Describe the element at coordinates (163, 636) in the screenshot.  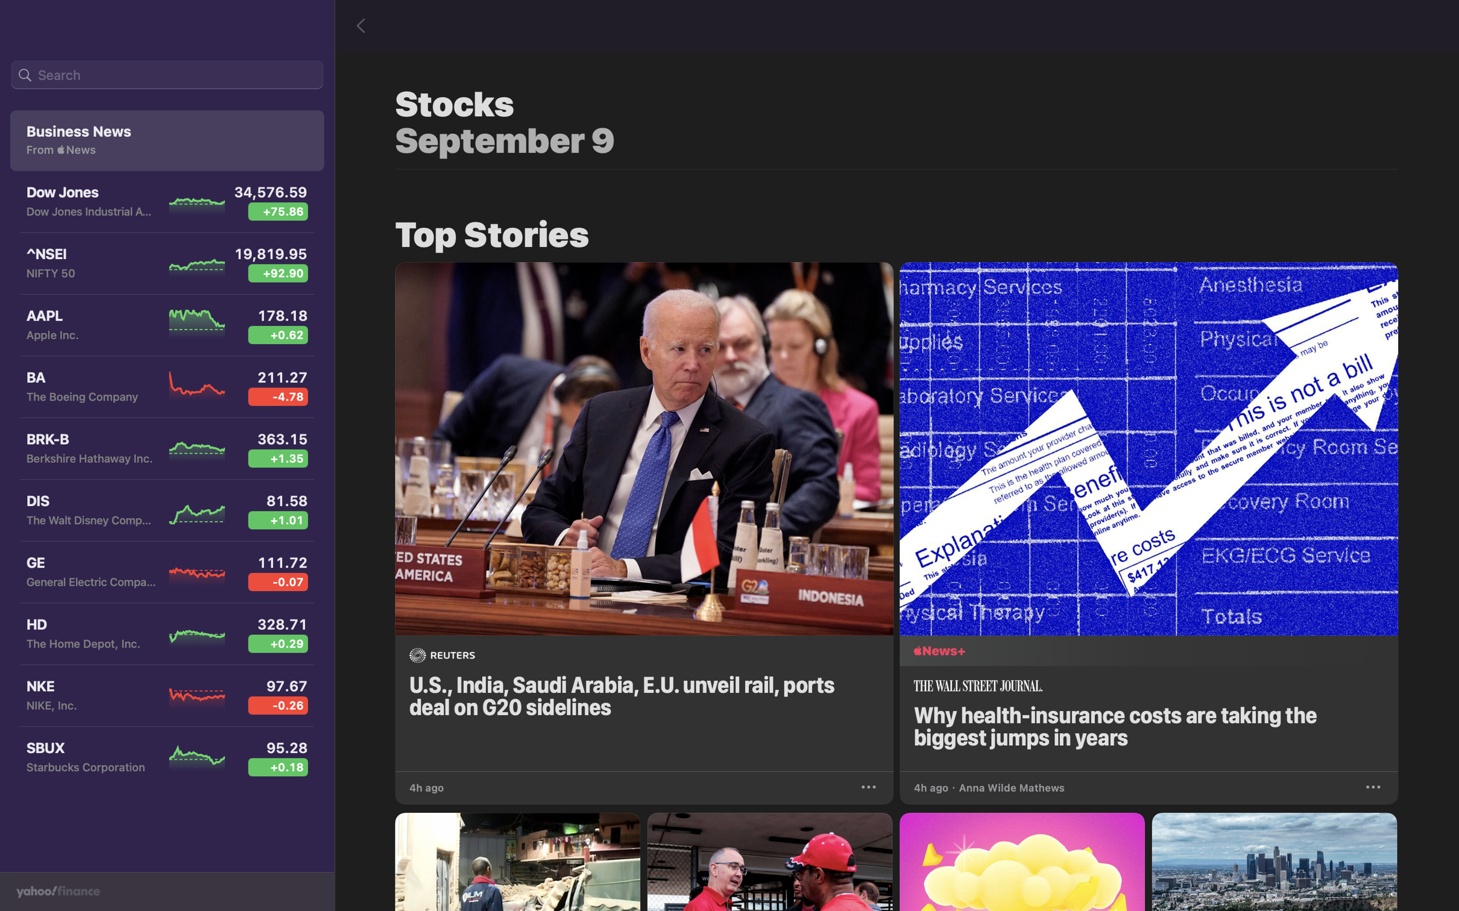
I see `more data by clicking on the Home Depot stock` at that location.